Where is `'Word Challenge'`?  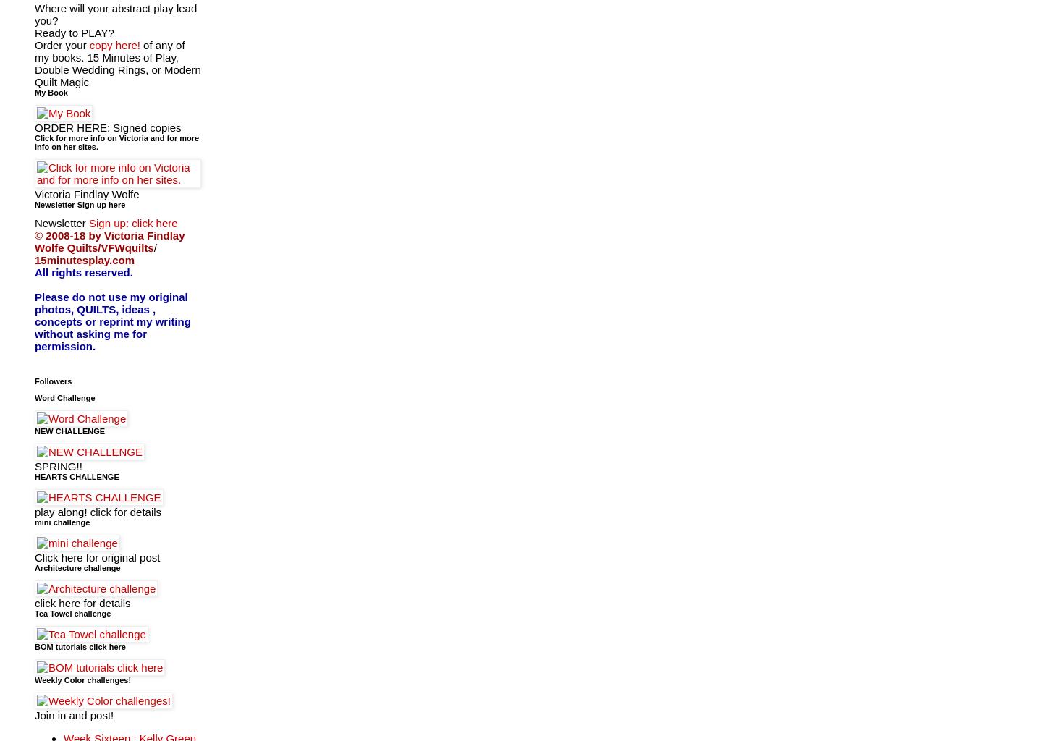
'Word Challenge' is located at coordinates (64, 397).